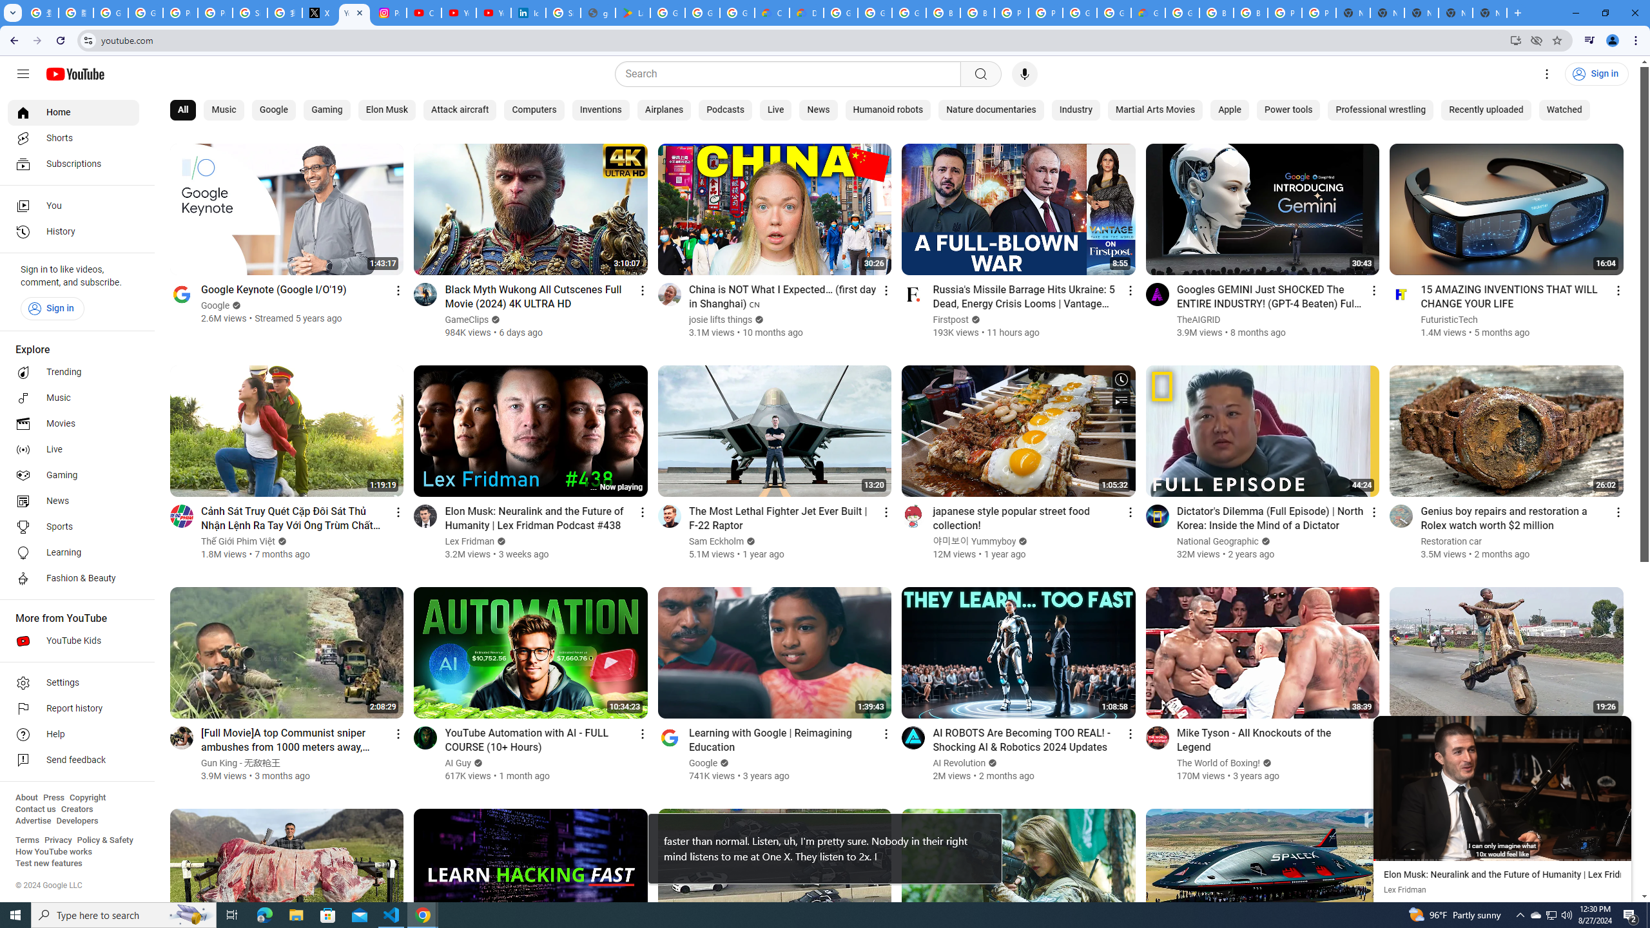  Describe the element at coordinates (1563, 110) in the screenshot. I see `'Watched'` at that location.